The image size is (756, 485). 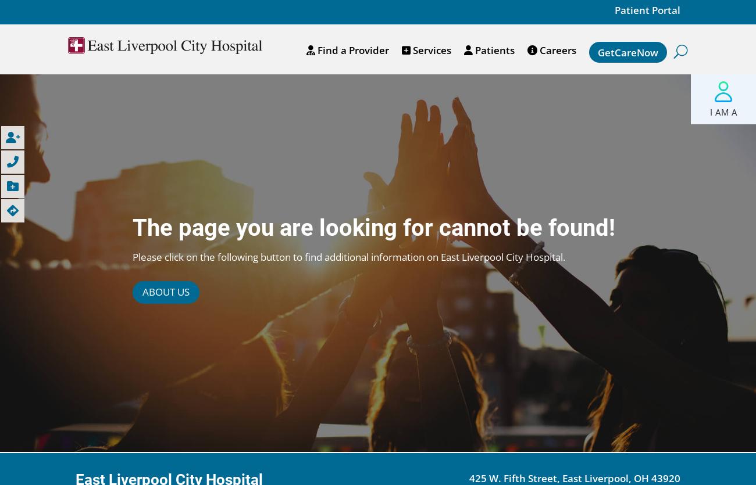 What do you see at coordinates (373, 227) in the screenshot?
I see `'The page you are looking for cannot be found!'` at bounding box center [373, 227].